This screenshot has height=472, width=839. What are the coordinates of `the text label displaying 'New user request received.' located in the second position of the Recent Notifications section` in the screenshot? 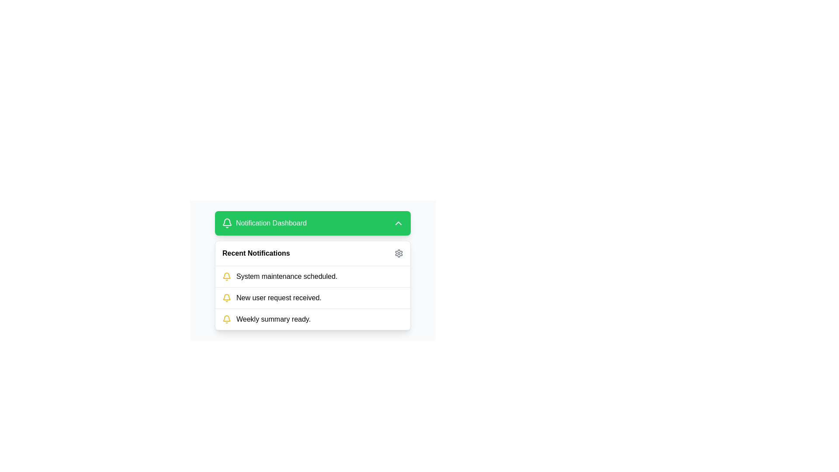 It's located at (278, 298).